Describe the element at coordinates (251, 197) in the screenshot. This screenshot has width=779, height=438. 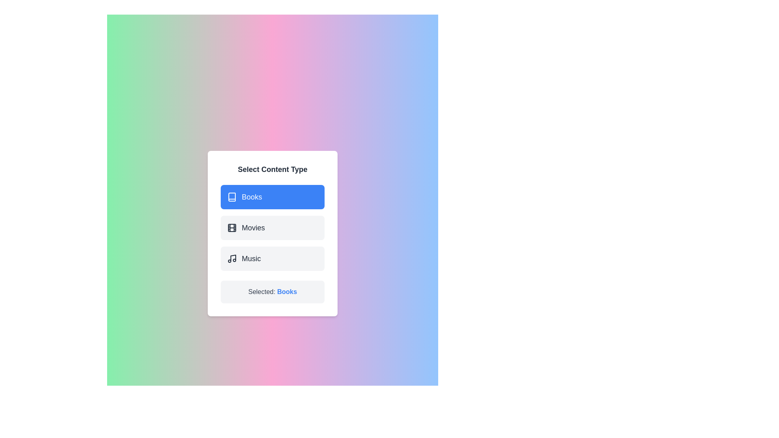
I see `the 'Books' text label that is positioned to the right of the book icon inside the blue button at the top of the options list` at that location.